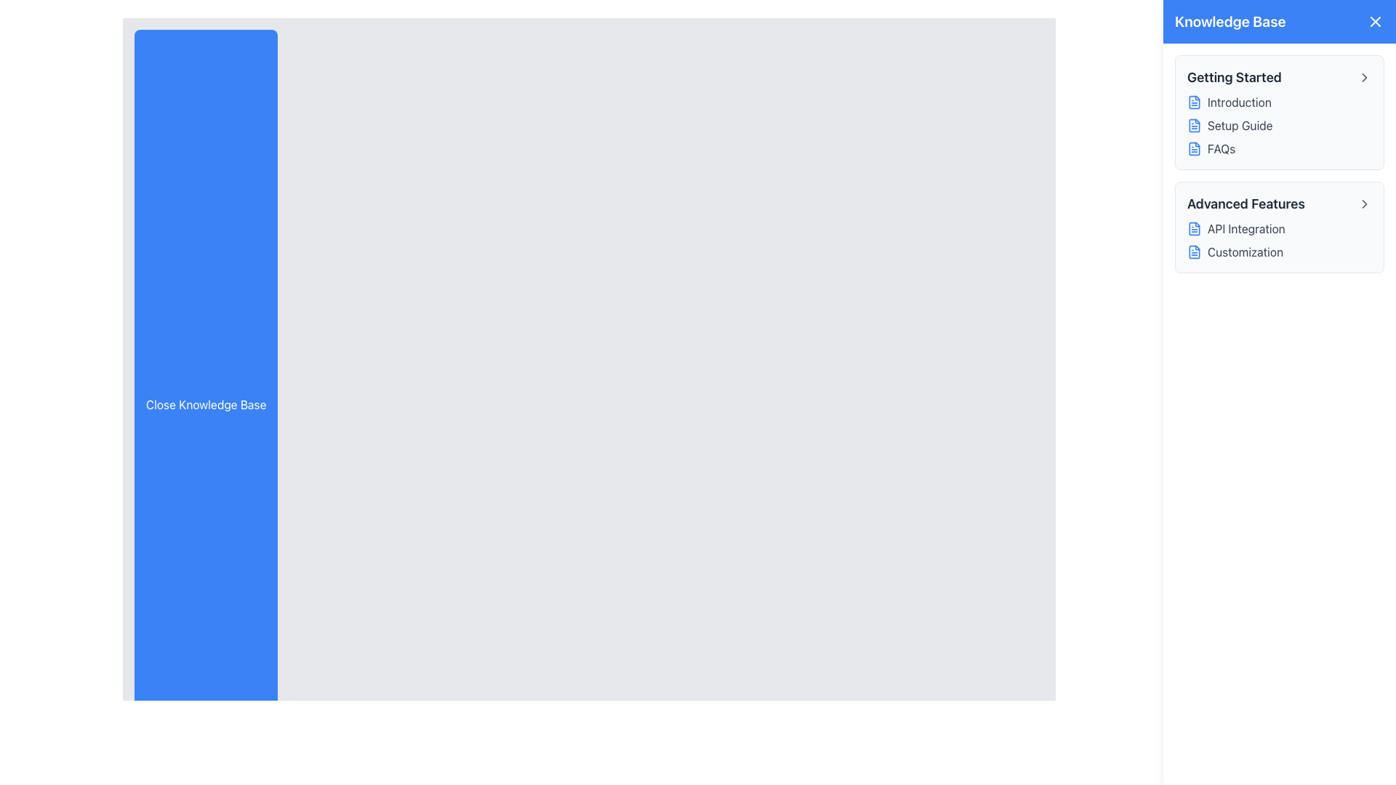 The image size is (1396, 785). Describe the element at coordinates (1194, 229) in the screenshot. I see `the SVG graphic icon located near the top-right section of the sidebar panel, adjacent to the 'API Integration' text under the 'Advanced Features' heading` at that location.